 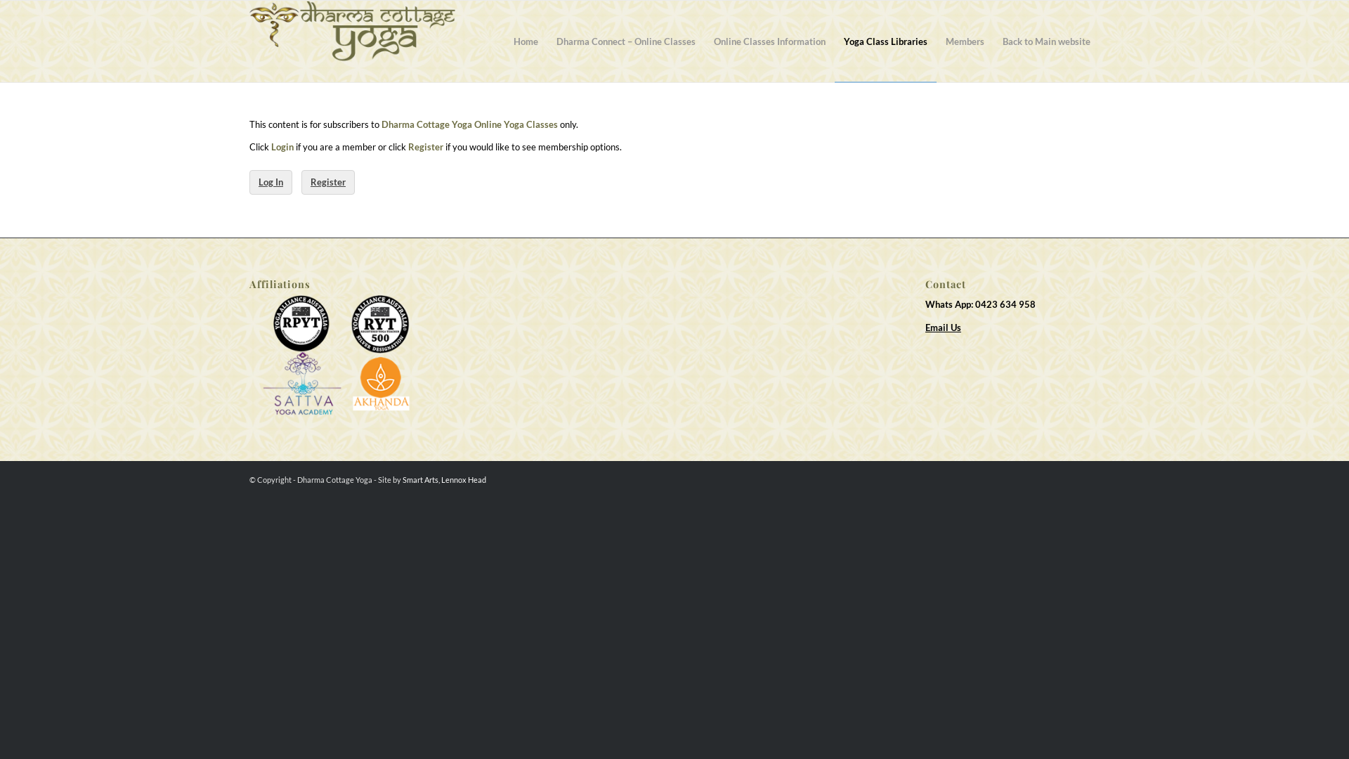 What do you see at coordinates (885, 40) in the screenshot?
I see `'Yoga Class Libraries'` at bounding box center [885, 40].